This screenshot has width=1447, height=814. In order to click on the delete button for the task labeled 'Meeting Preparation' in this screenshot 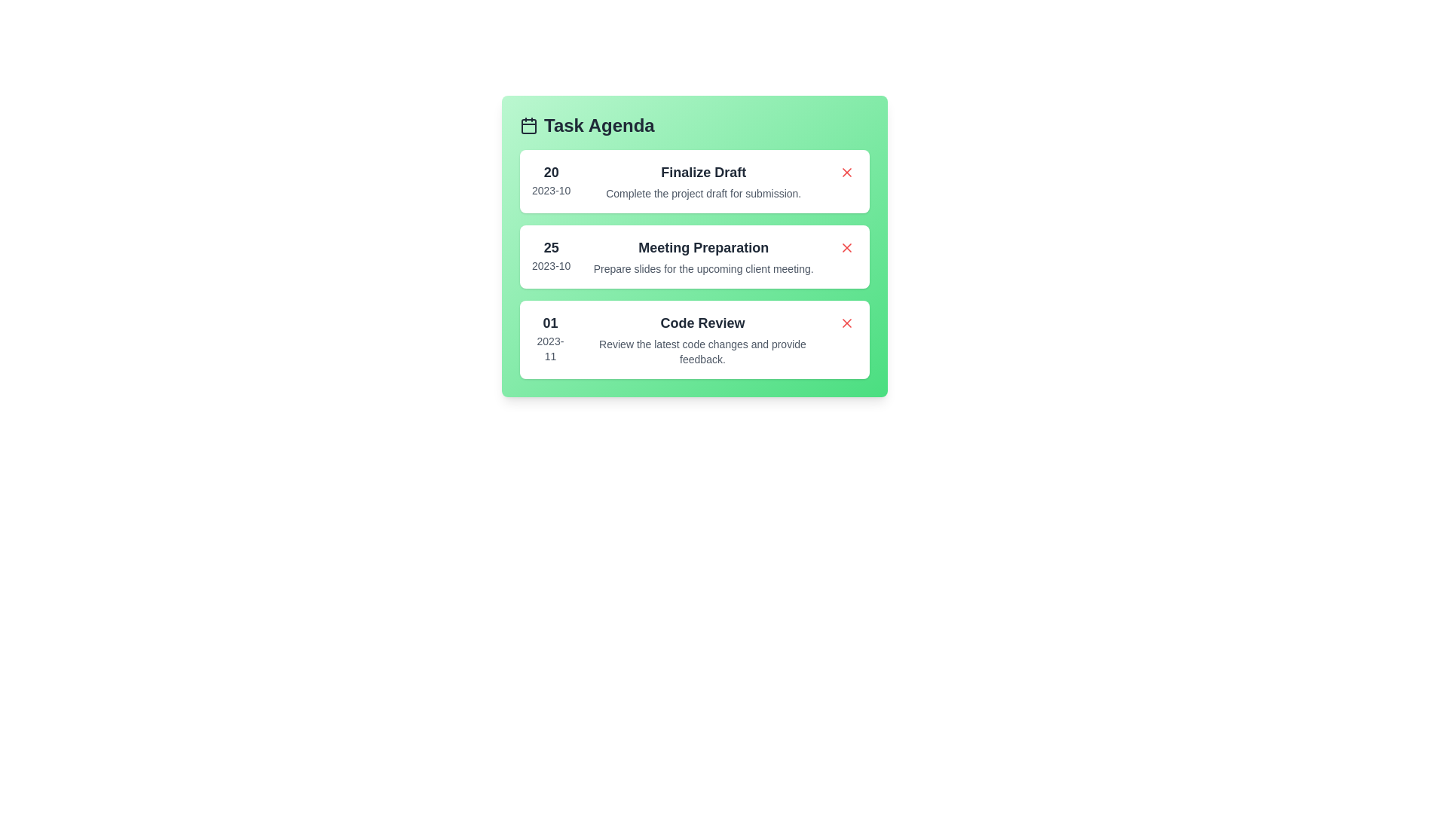, I will do `click(846, 246)`.